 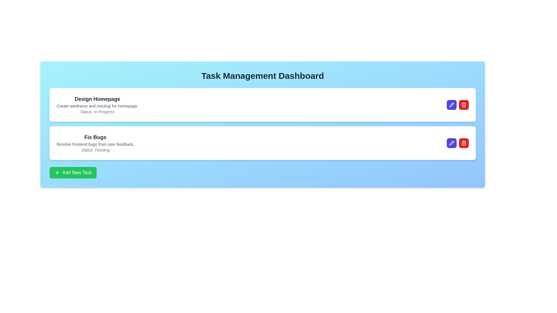 What do you see at coordinates (97, 112) in the screenshot?
I see `status information from the Text label indicating the current status of the task, which is located at the bottom of the task card in the upper segment of the layout` at bounding box center [97, 112].